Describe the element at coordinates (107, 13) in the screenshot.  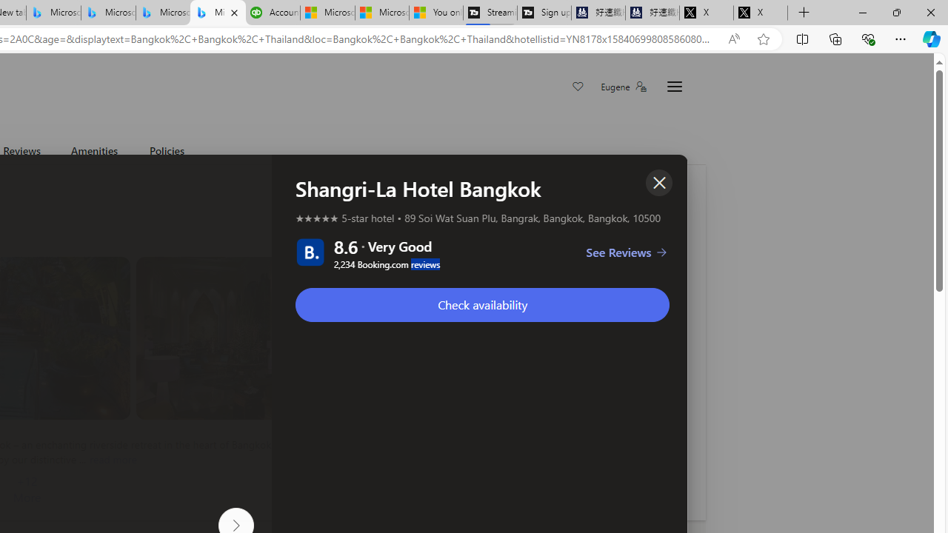
I see `'Microsoft Bing Travel - Stays in Bangkok, Bangkok, Thailand'` at that location.